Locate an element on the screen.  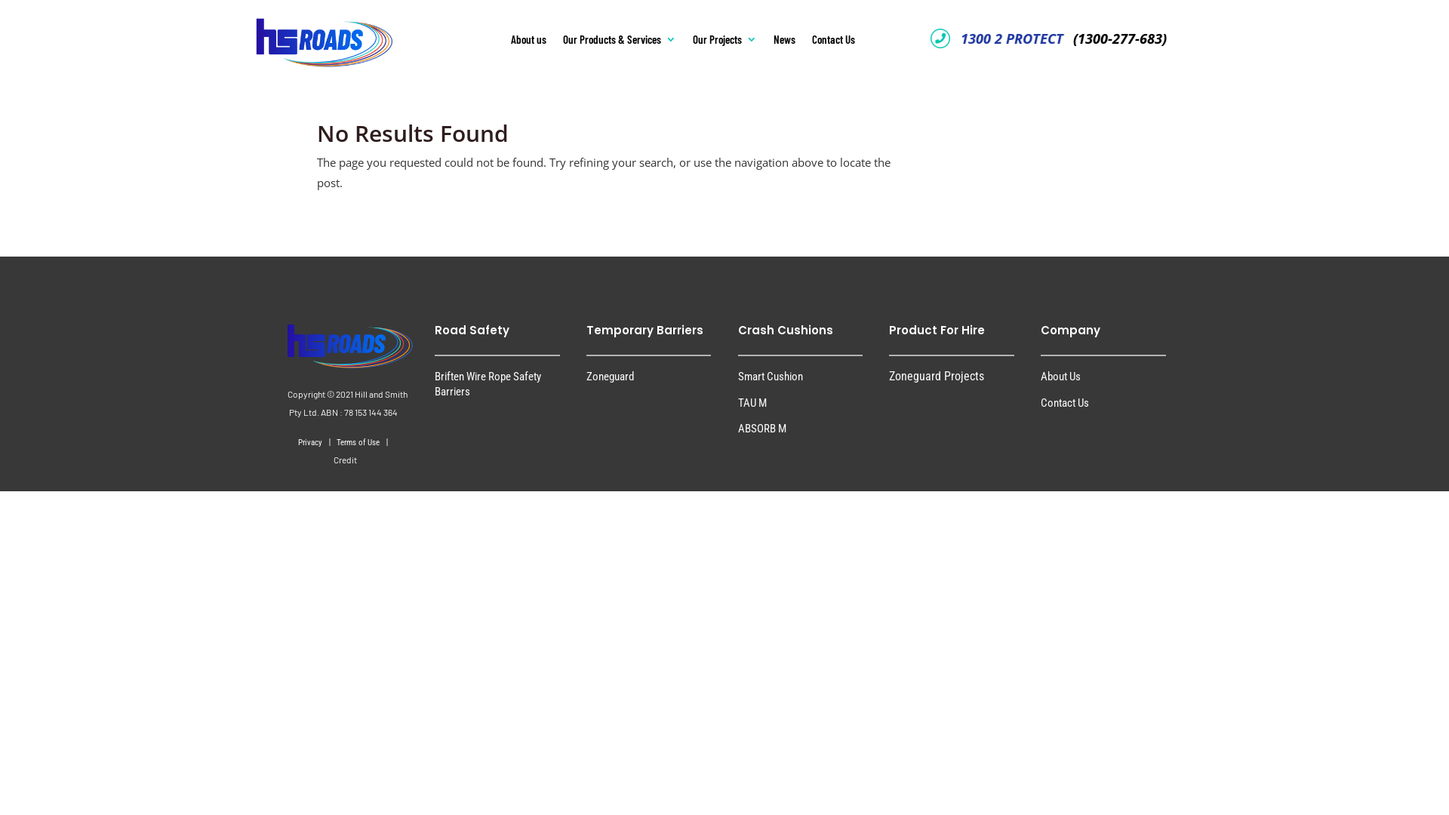
'About Us' is located at coordinates (1039, 375).